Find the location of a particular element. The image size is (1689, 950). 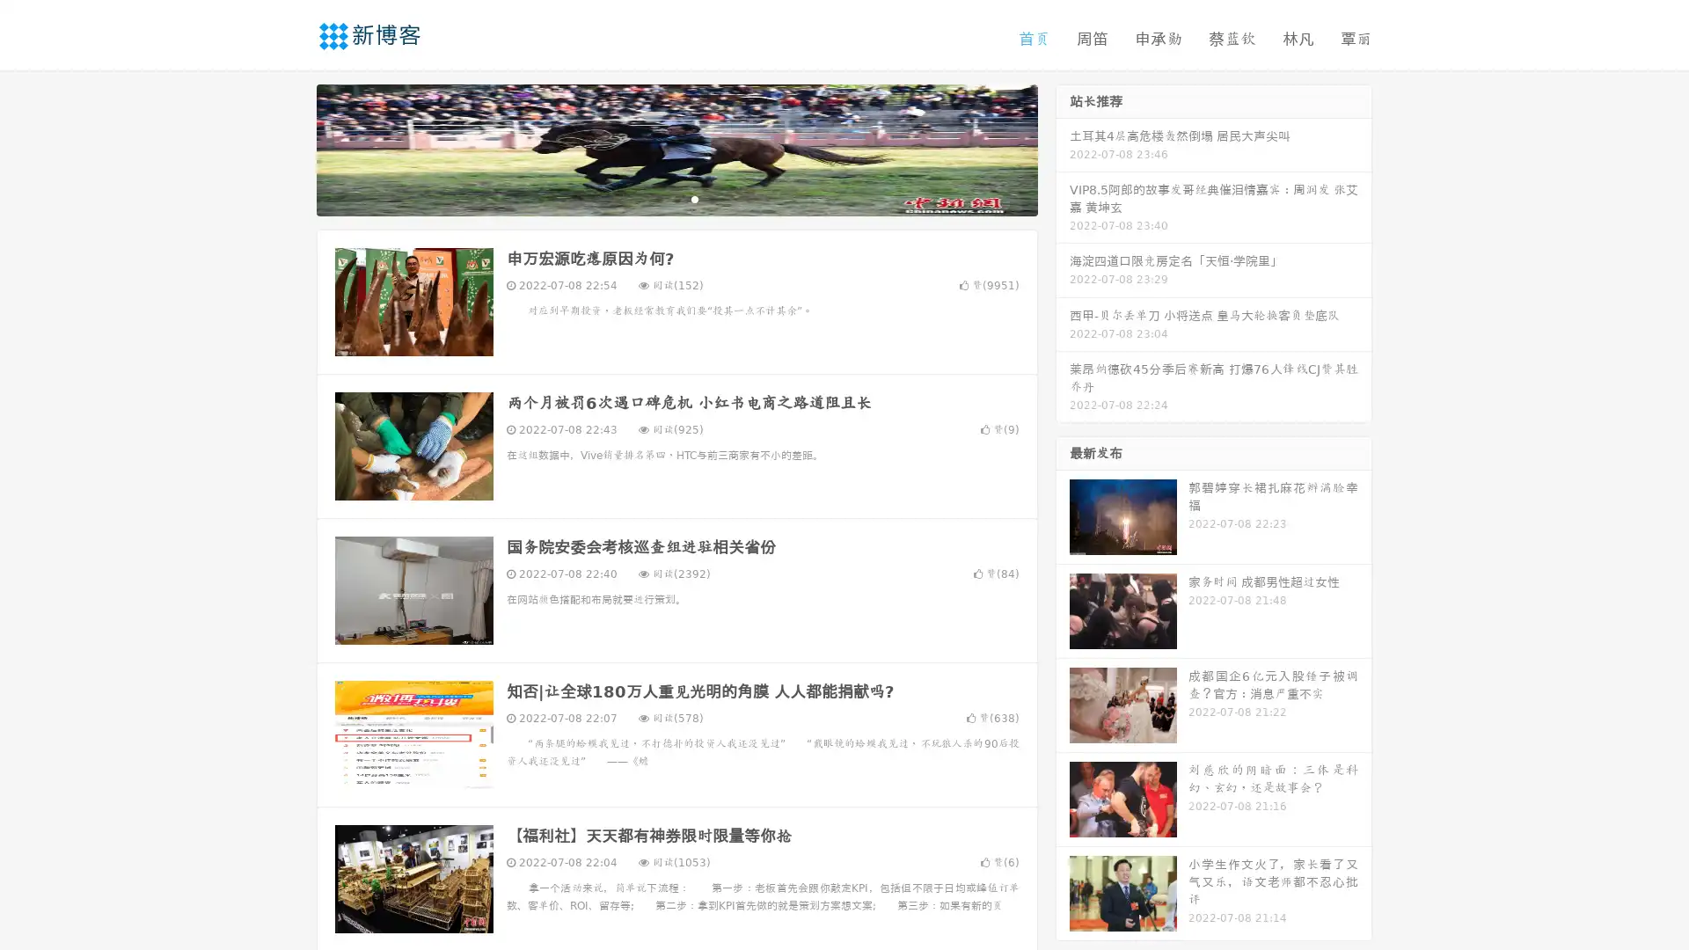

Next slide is located at coordinates (1063, 148).